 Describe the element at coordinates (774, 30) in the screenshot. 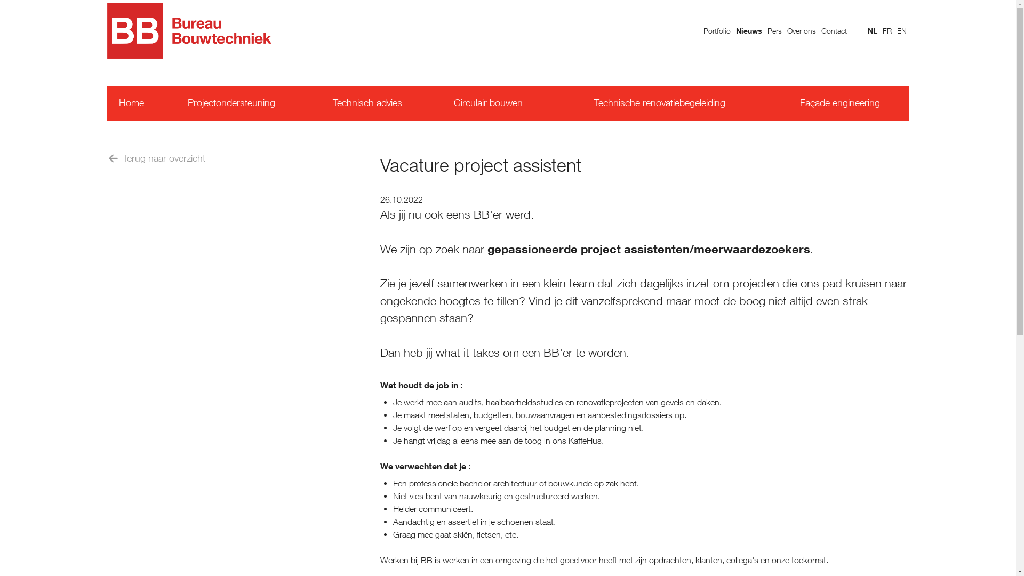

I see `'Pers'` at that location.